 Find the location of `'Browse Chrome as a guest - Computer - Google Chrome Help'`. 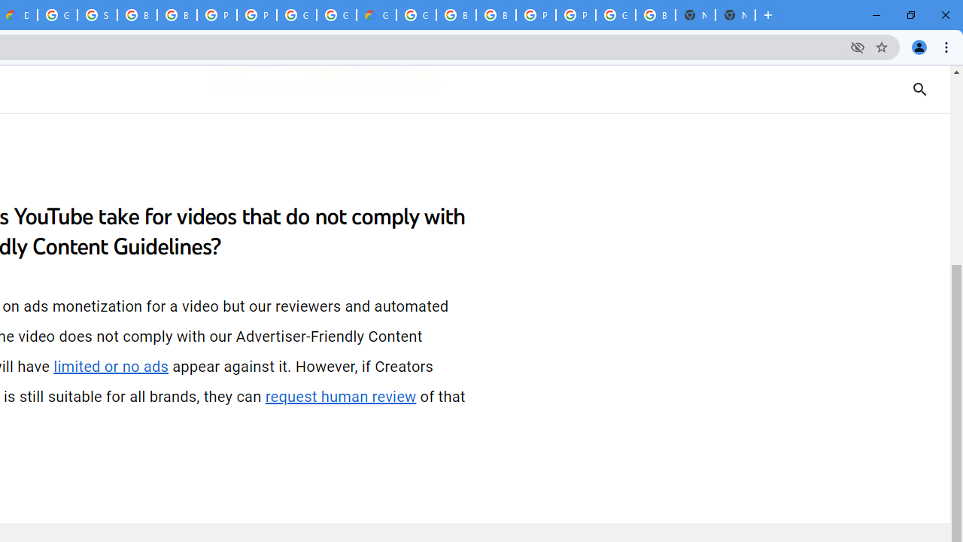

'Browse Chrome as a guest - Computer - Google Chrome Help' is located at coordinates (177, 15).